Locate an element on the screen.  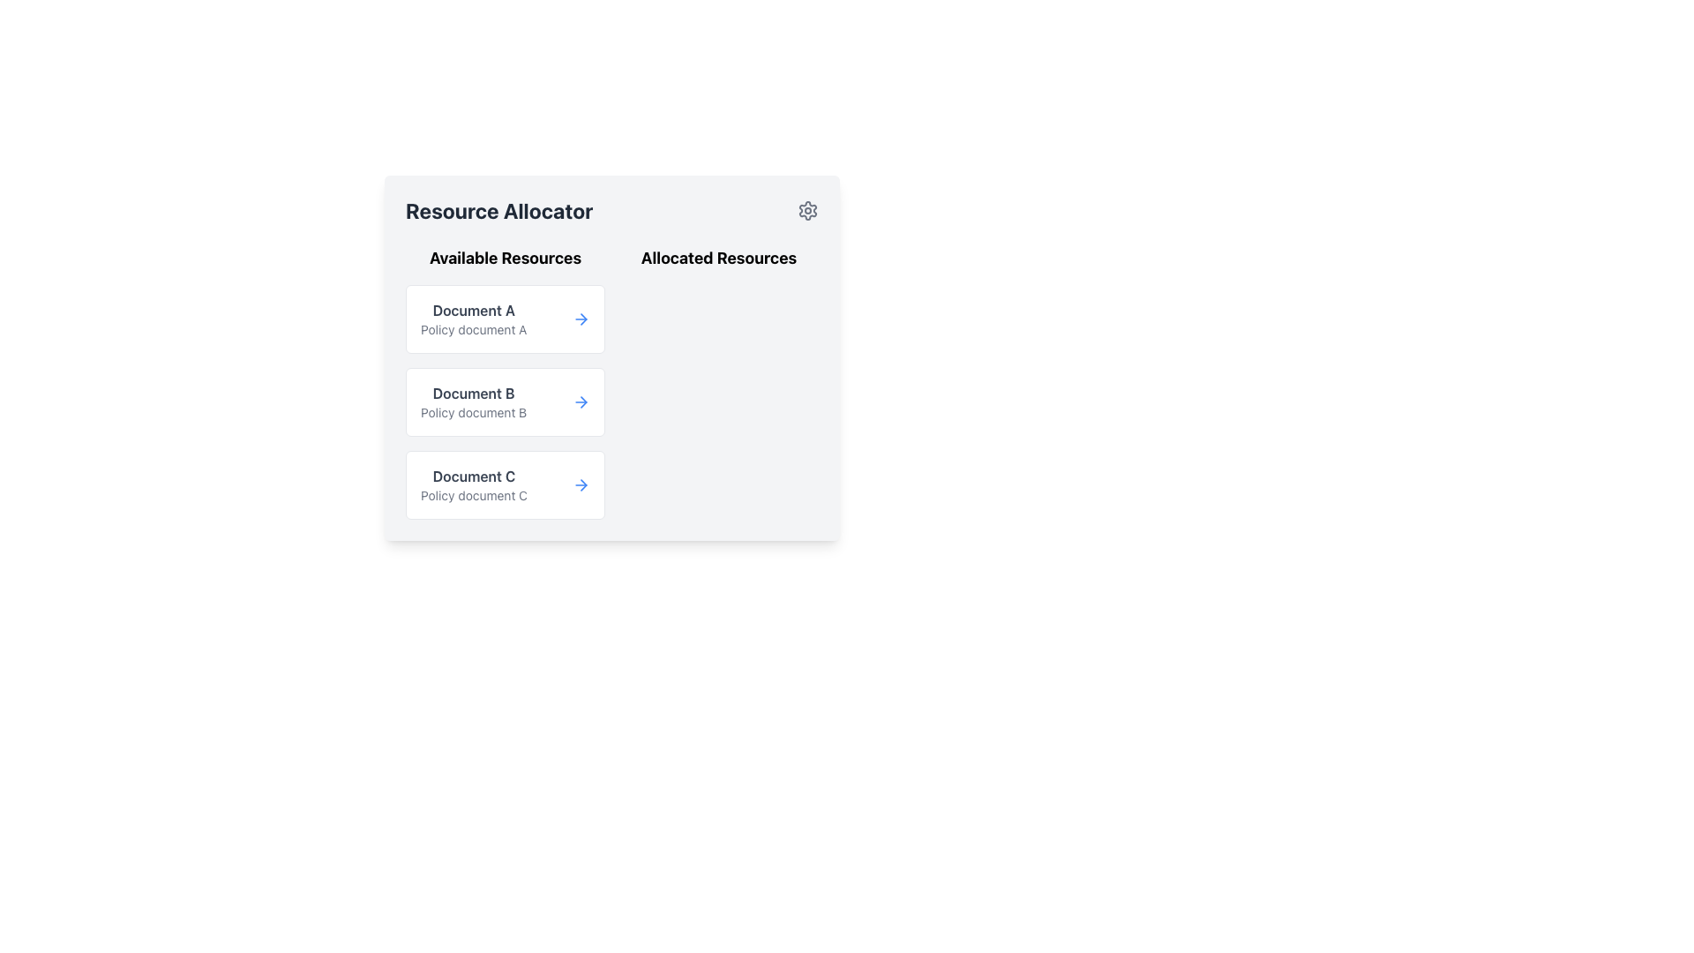
the rightward arrow button, which is icon-based and blue in color, located on the rightmost edge of the card containing 'Document B' in the 'Available Resources' section is located at coordinates (581, 401).